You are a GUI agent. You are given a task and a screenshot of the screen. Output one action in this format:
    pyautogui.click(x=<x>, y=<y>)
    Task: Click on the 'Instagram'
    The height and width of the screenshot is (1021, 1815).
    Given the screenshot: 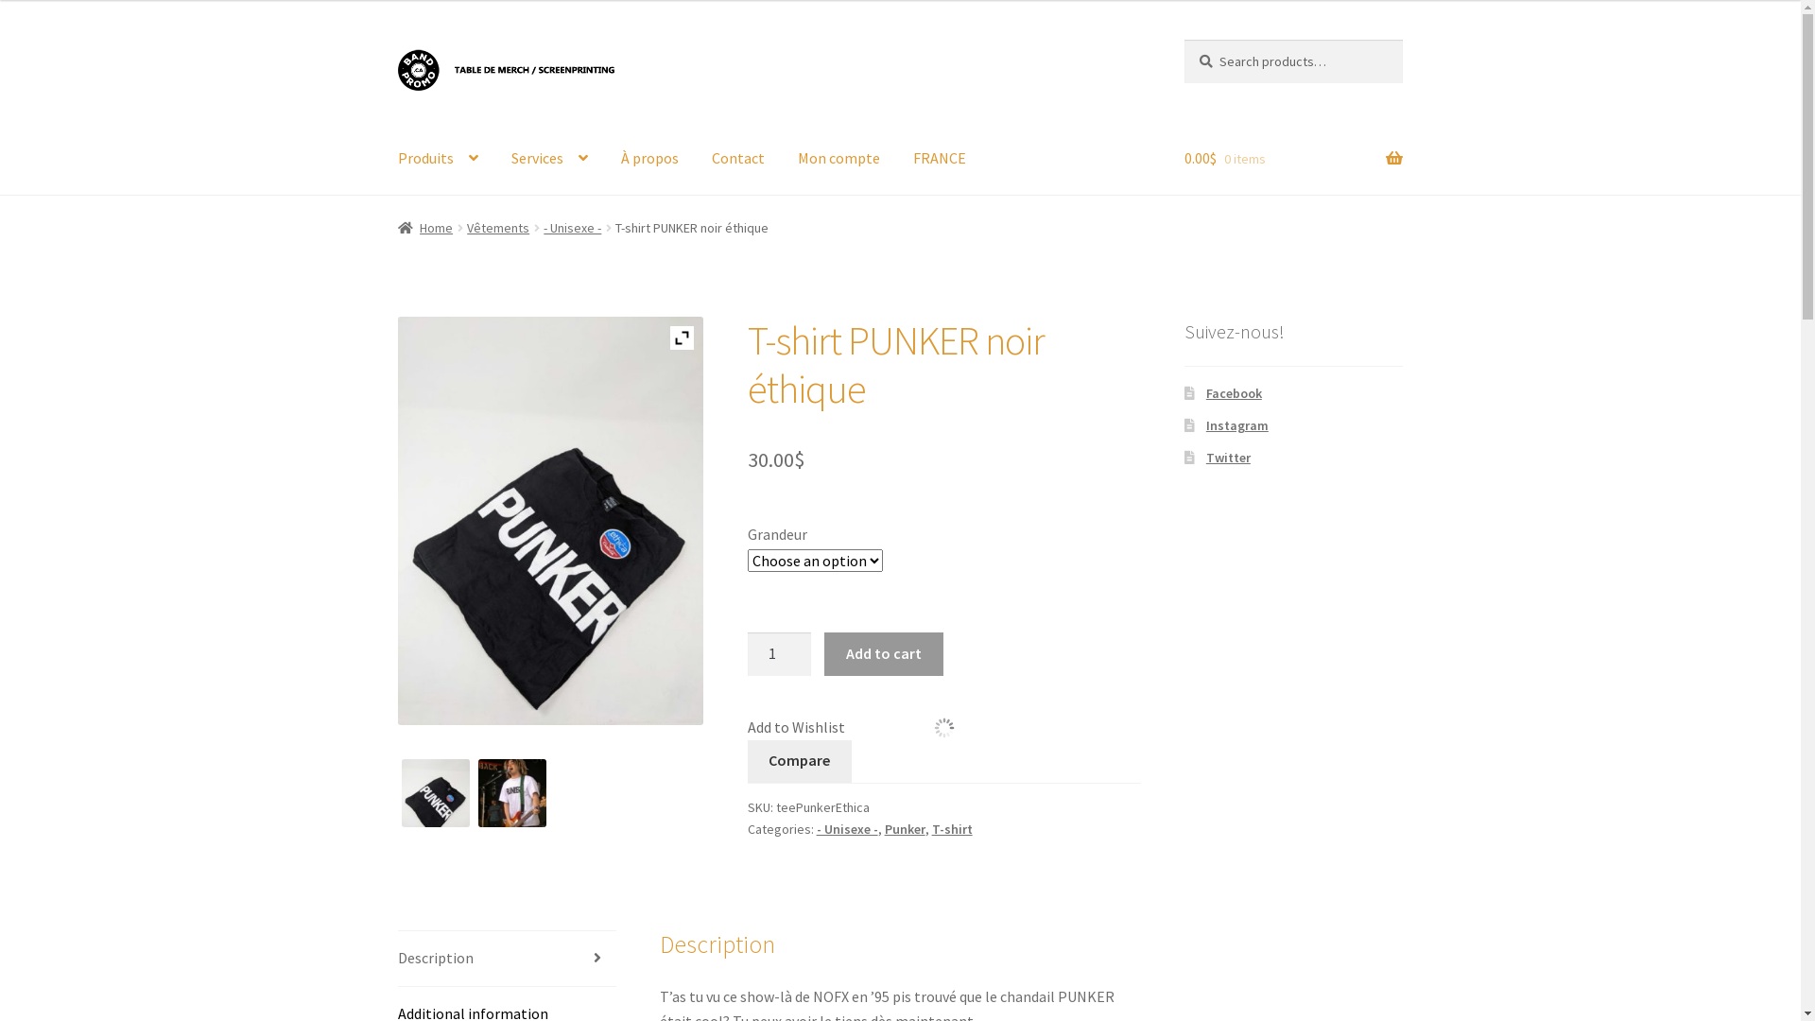 What is the action you would take?
    pyautogui.click(x=1237, y=425)
    